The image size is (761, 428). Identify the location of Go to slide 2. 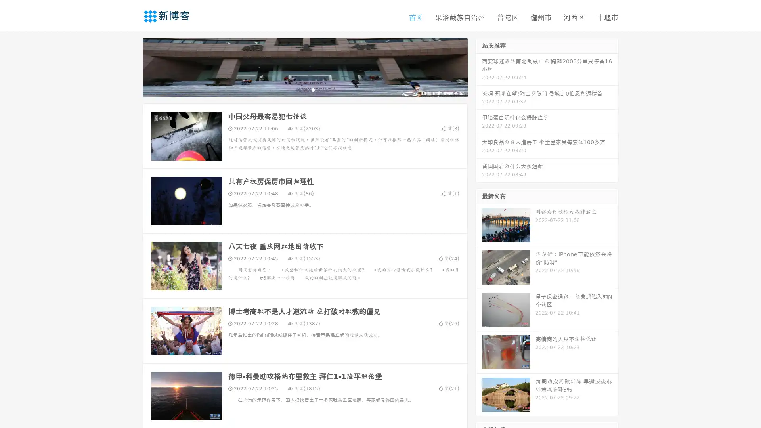
(304, 89).